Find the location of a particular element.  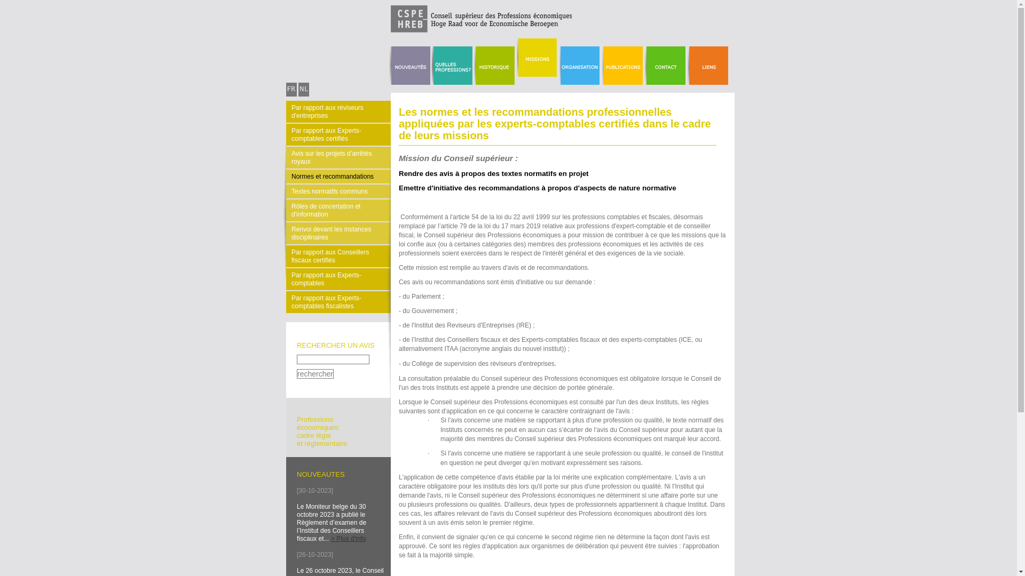

'Par rapport aux Experts-comptables' is located at coordinates (337, 278).